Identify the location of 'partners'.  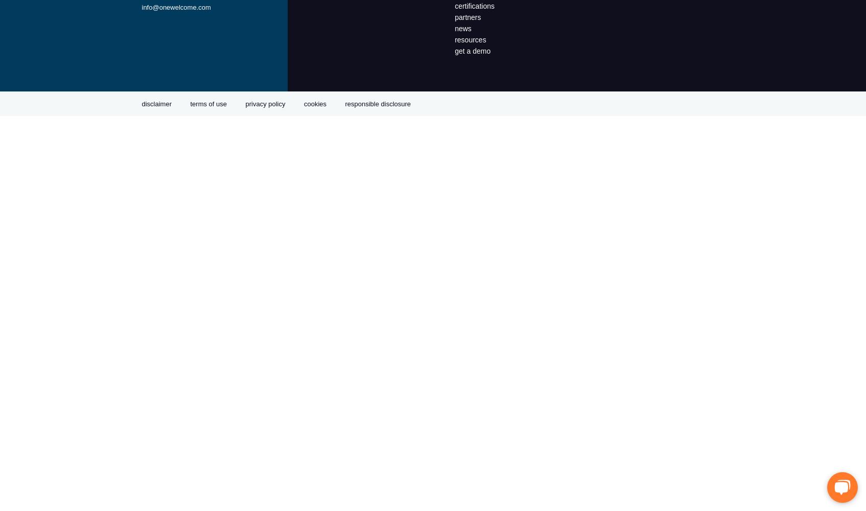
(467, 17).